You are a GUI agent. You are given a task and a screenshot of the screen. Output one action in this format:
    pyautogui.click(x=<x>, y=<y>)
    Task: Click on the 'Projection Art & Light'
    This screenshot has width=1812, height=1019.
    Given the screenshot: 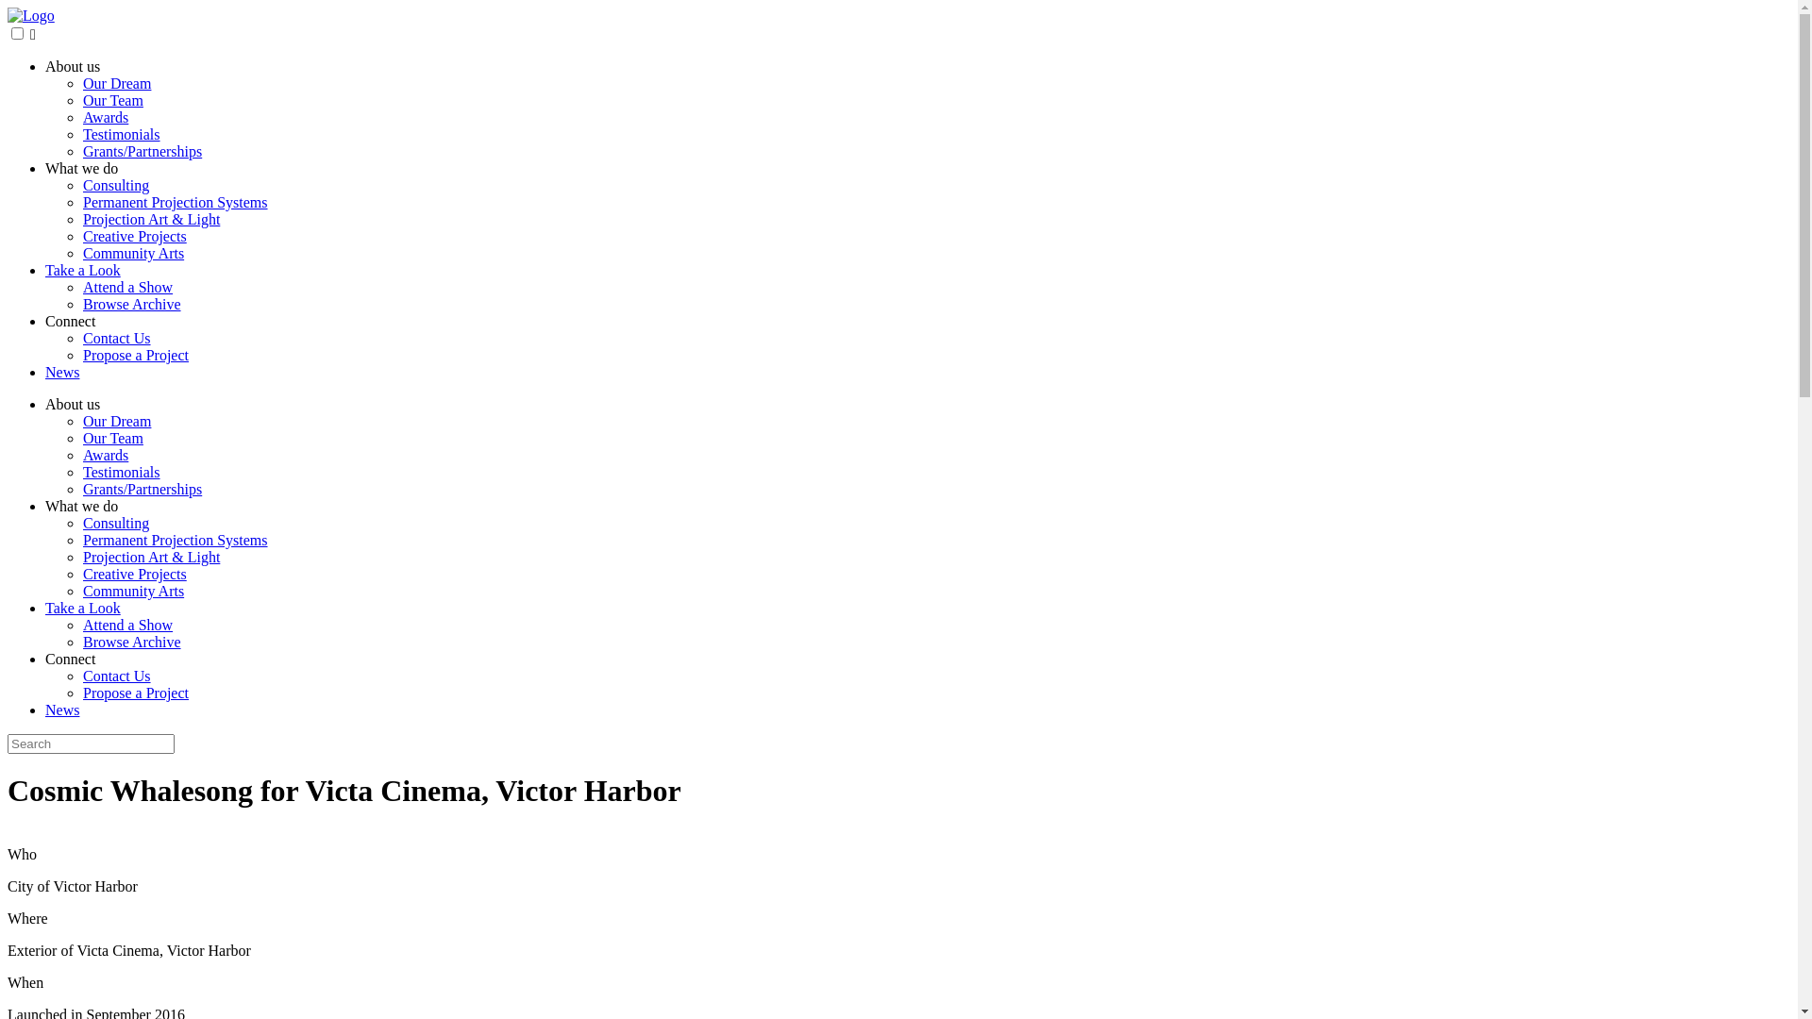 What is the action you would take?
    pyautogui.click(x=81, y=218)
    